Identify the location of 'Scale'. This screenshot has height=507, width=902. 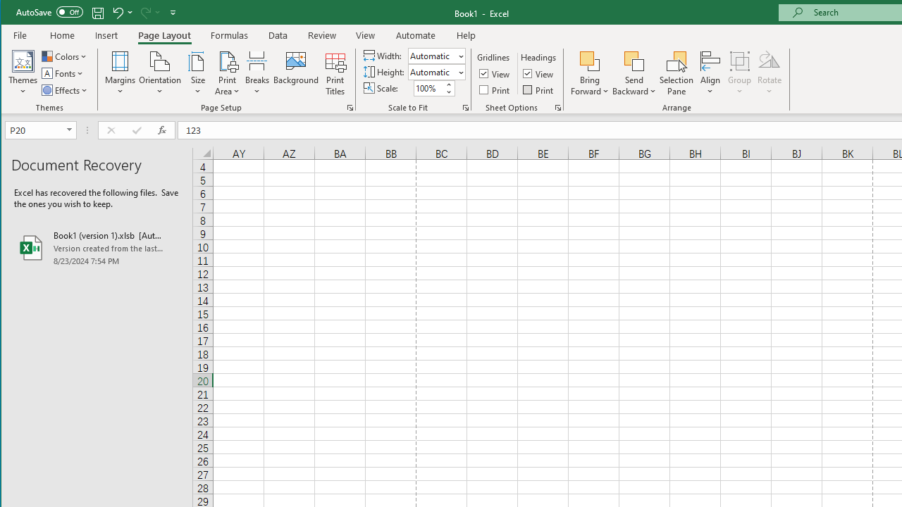
(428, 88).